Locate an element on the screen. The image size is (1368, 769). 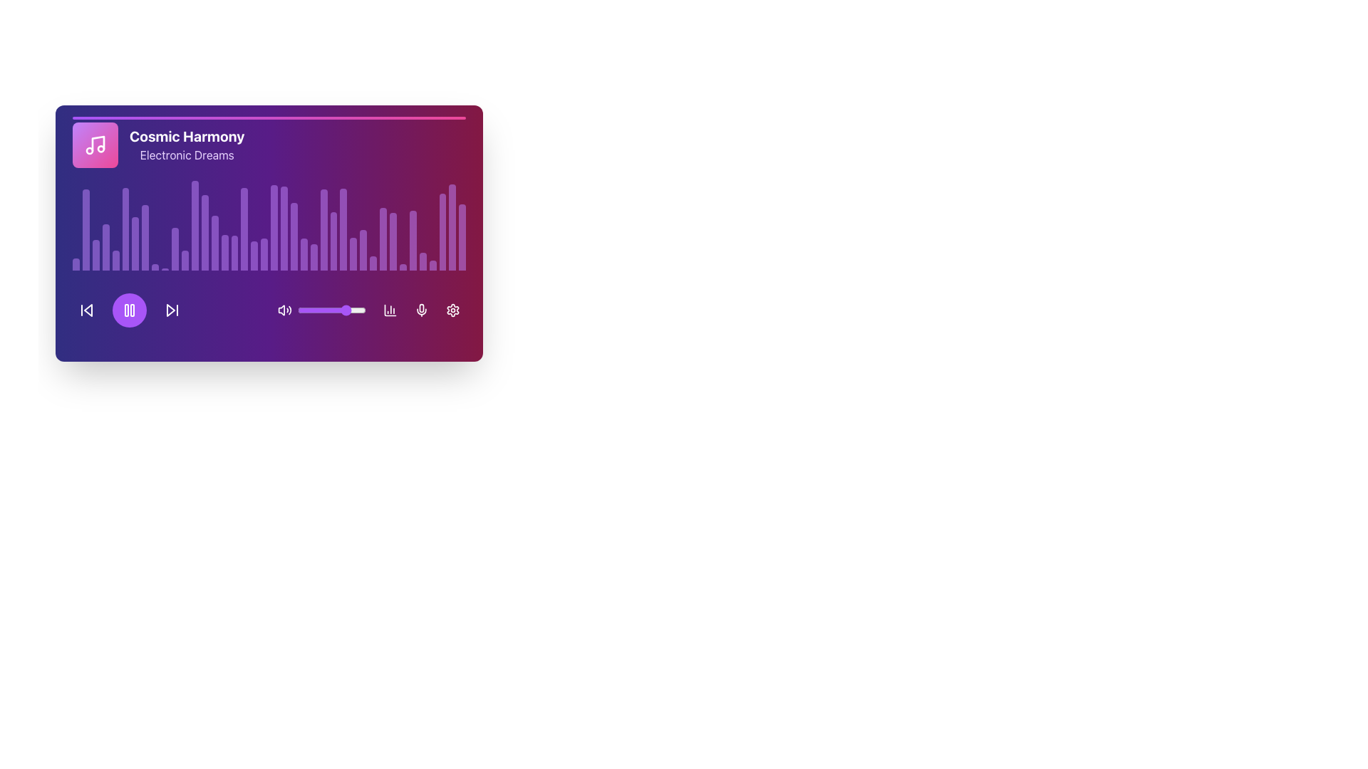
the 26th vertical bar of the graphical equalizer, which is styled in purple with a rounded top is located at coordinates (323, 229).